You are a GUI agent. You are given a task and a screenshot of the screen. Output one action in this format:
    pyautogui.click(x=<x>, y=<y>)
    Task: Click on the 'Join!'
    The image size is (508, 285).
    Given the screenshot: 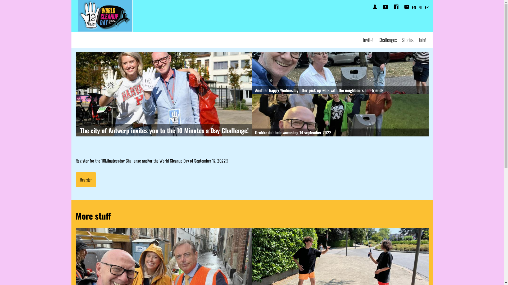 What is the action you would take?
    pyautogui.click(x=422, y=39)
    